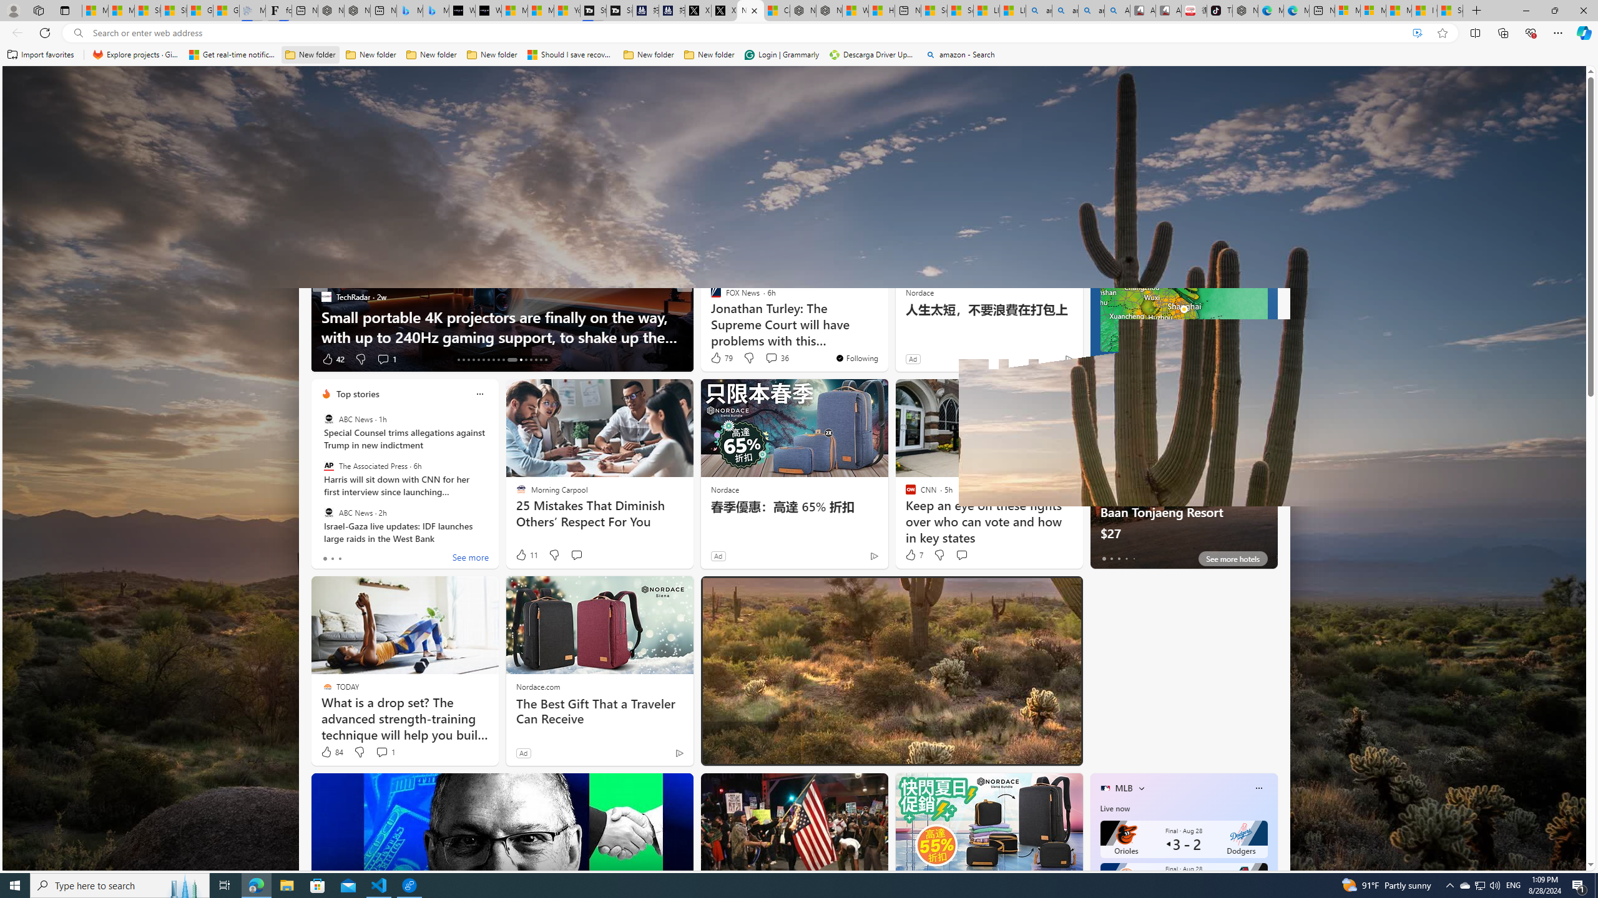 Image resolution: width=1598 pixels, height=898 pixels. I want to click on 'Microsoft Bing Travel - Shangri-La Hotel Bangkok', so click(435, 10).